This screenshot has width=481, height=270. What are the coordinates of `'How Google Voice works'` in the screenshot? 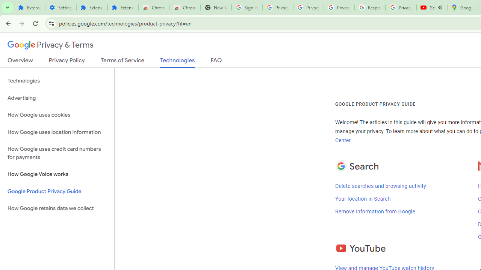 It's located at (57, 174).